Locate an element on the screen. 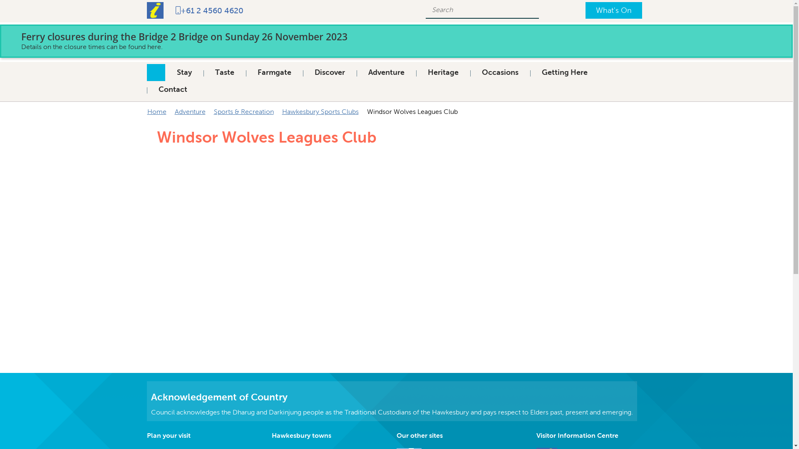 This screenshot has width=799, height=449. 'Discover' is located at coordinates (303, 72).